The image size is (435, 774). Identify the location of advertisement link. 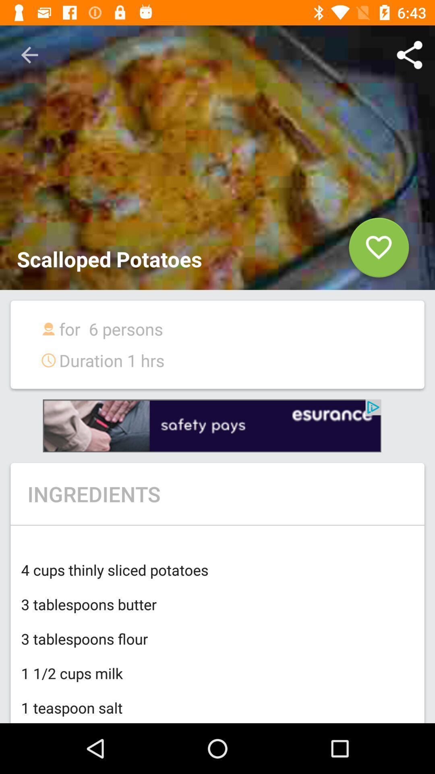
(211, 425).